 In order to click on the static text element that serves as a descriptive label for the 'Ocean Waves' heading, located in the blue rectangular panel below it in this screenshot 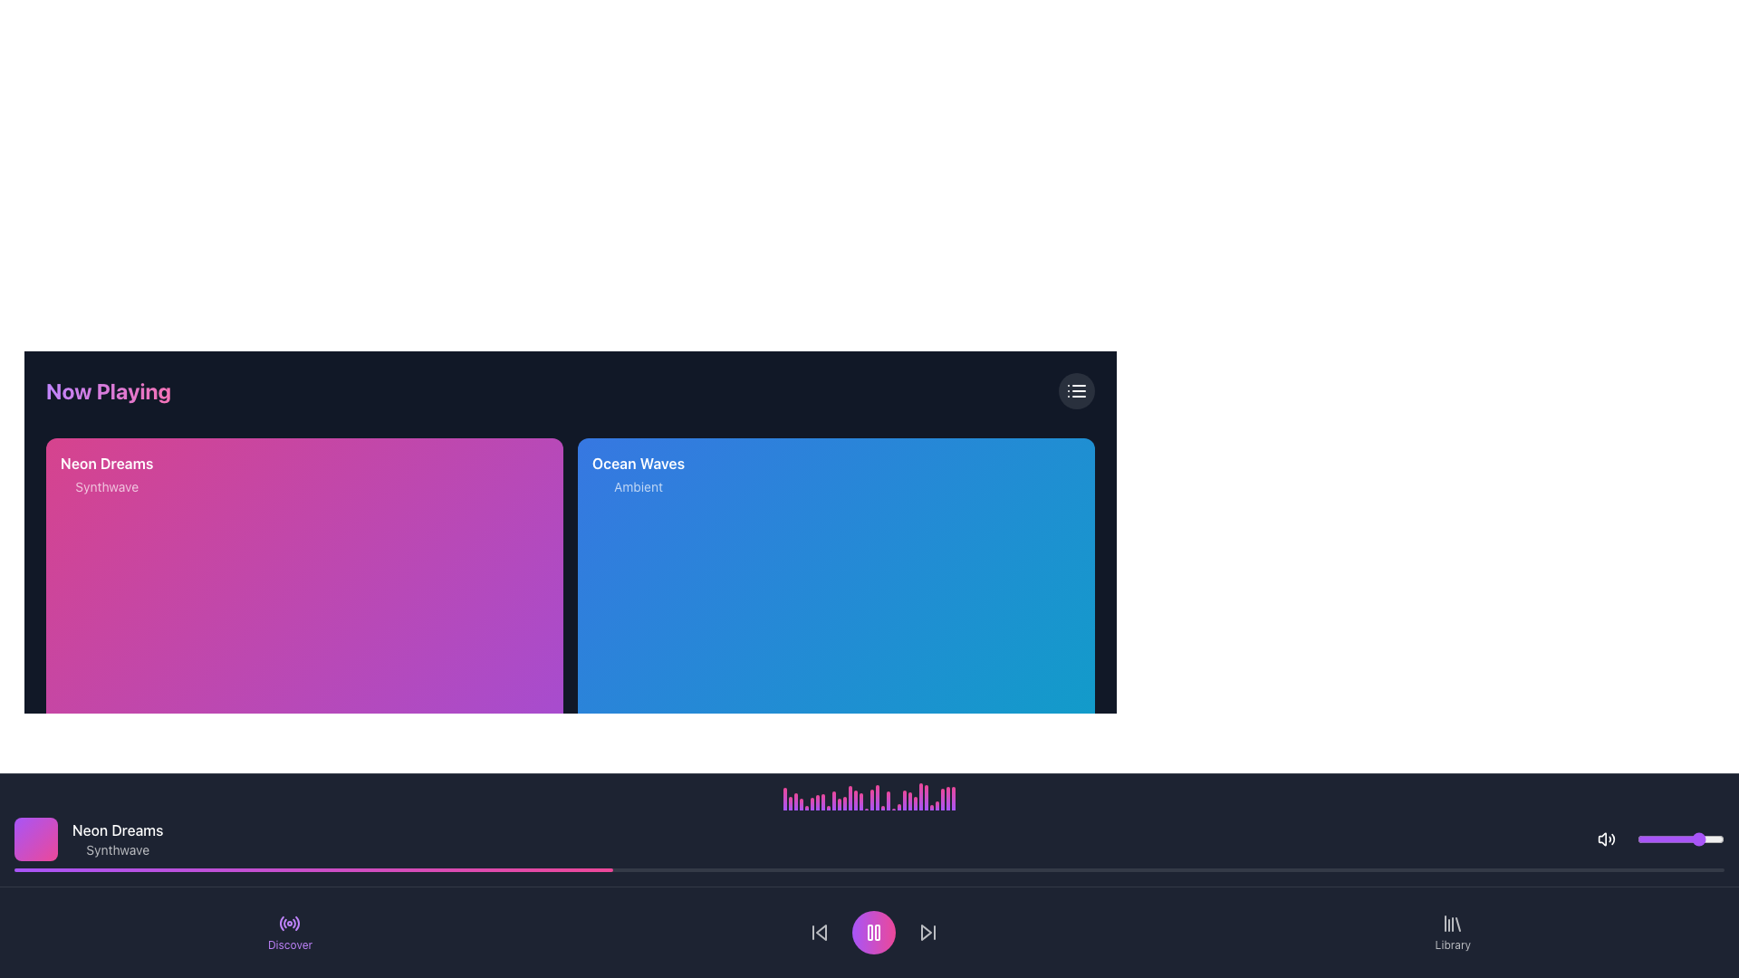, I will do `click(639, 485)`.